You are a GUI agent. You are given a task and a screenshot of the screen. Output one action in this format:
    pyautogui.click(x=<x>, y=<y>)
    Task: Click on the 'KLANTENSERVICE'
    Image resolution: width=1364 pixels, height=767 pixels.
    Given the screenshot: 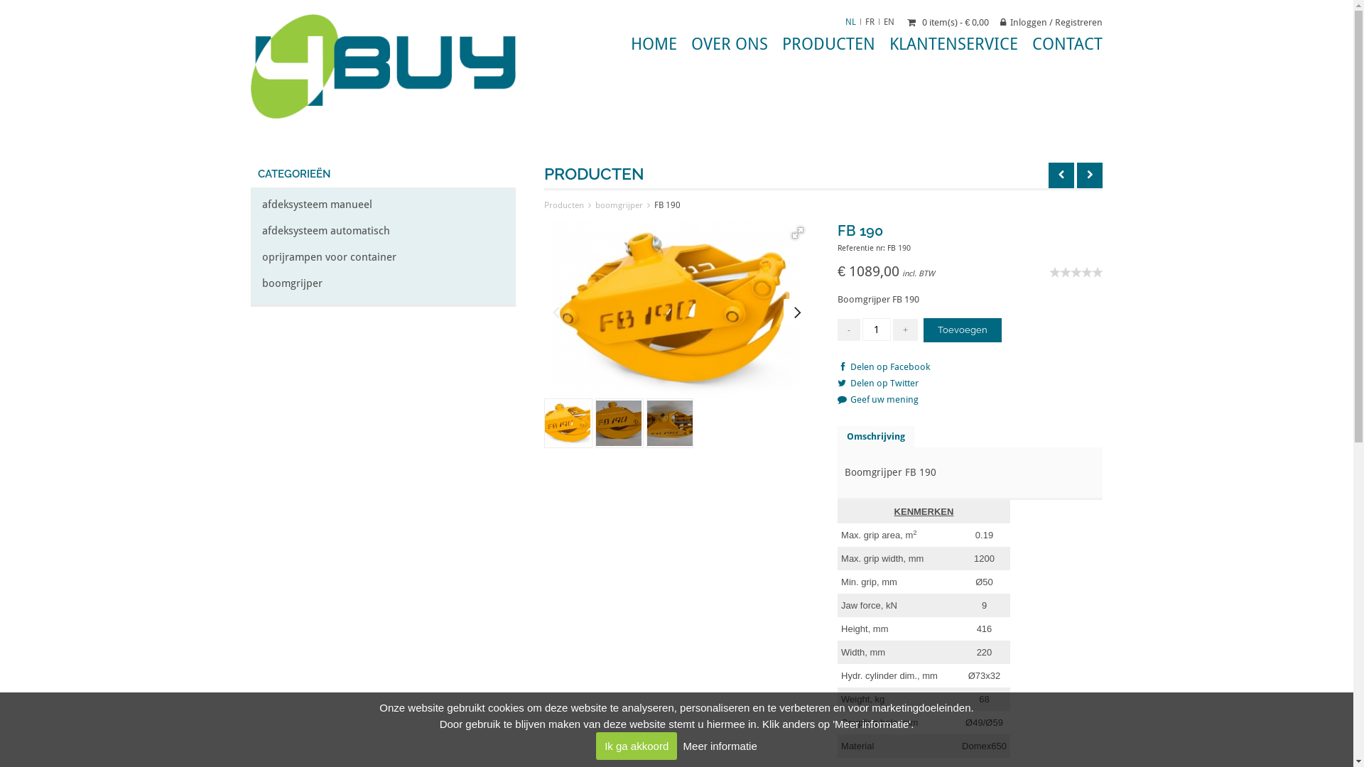 What is the action you would take?
    pyautogui.click(x=953, y=43)
    